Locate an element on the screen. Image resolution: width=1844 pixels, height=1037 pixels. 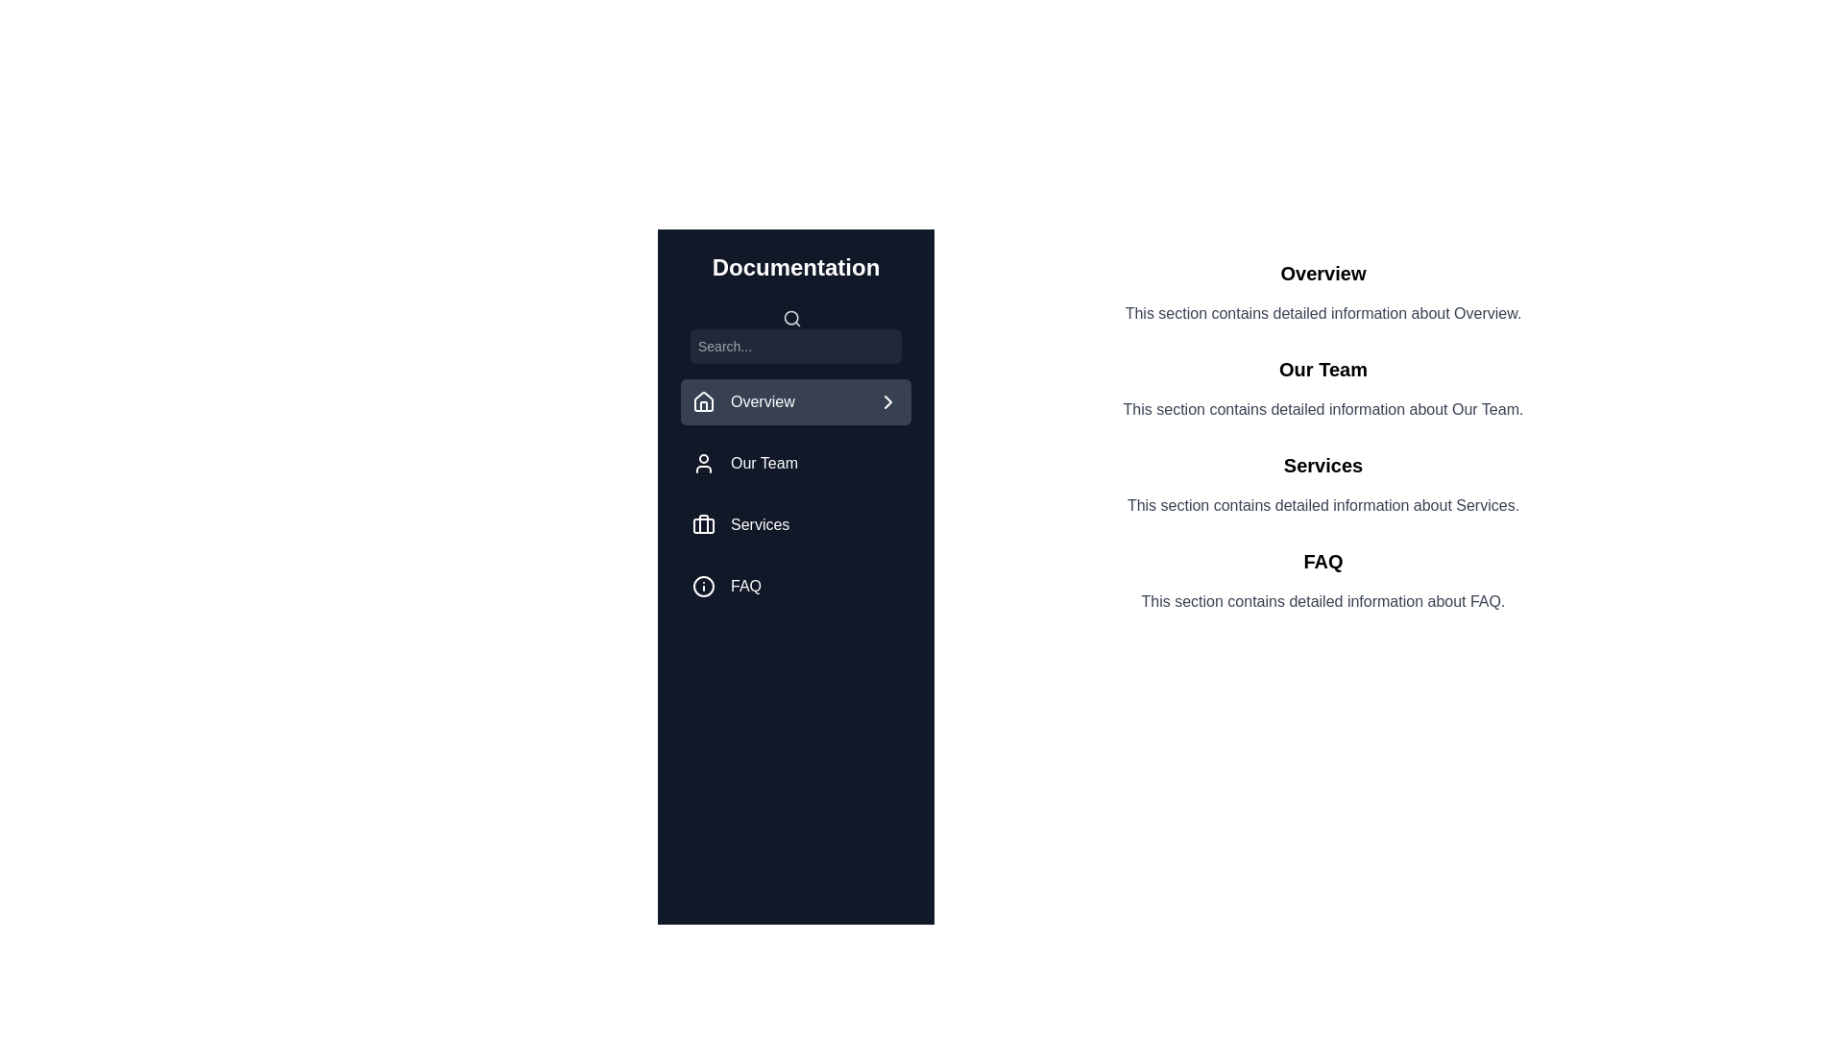
the header element that indicates the start of the FAQ section, located on the left side of the main content area is located at coordinates (1322, 562).